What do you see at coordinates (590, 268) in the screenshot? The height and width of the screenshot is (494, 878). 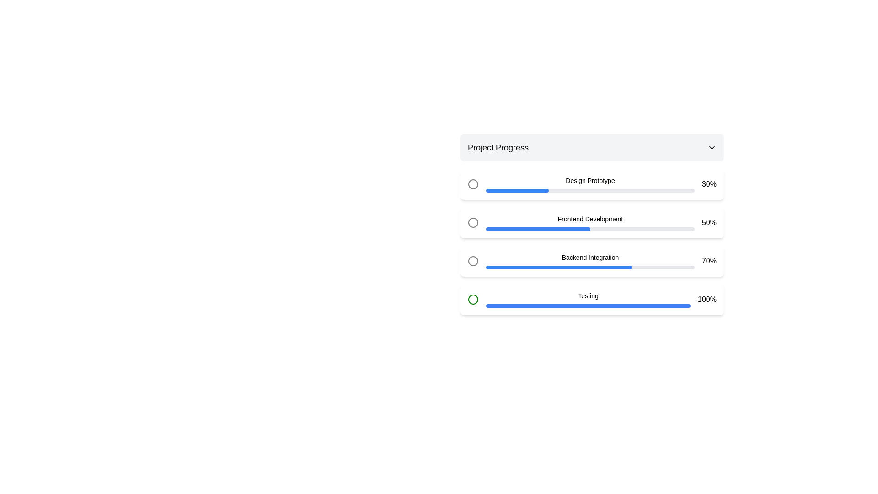 I see `progress bar indicating 70% completion located below the text 'Backend Integration' in the vertical list of progress bars` at bounding box center [590, 268].